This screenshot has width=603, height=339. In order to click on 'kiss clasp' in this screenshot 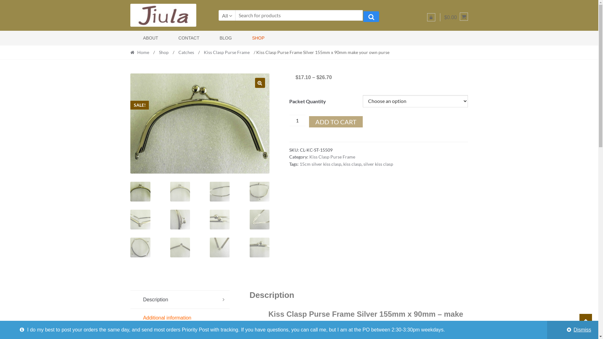, I will do `click(352, 164)`.